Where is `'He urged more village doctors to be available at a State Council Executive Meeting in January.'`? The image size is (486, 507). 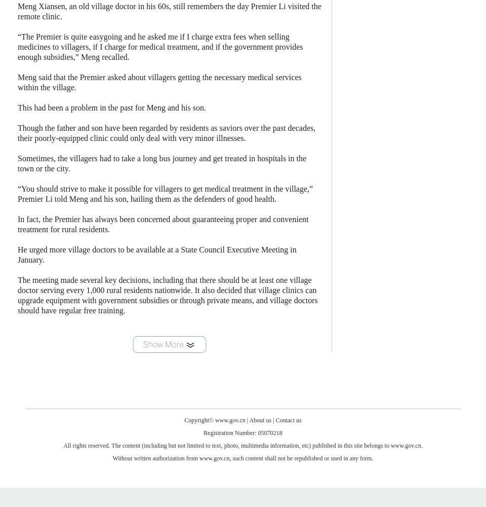 'He urged more village doctors to be available at a State Council Executive Meeting in January.' is located at coordinates (17, 255).